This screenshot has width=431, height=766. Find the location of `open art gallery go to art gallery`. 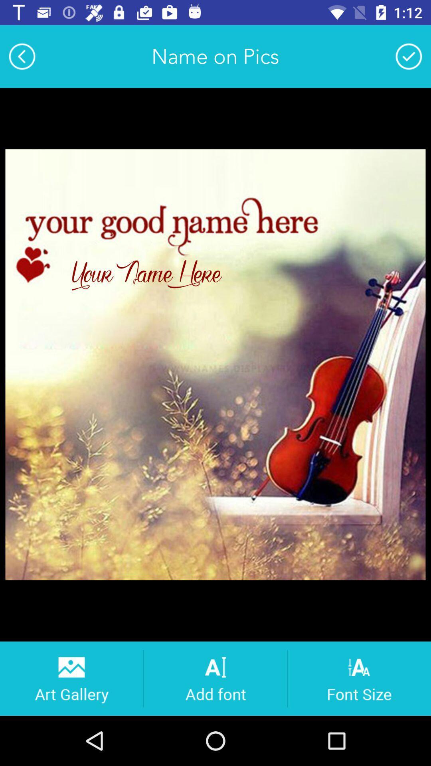

open art gallery go to art gallery is located at coordinates (71, 678).